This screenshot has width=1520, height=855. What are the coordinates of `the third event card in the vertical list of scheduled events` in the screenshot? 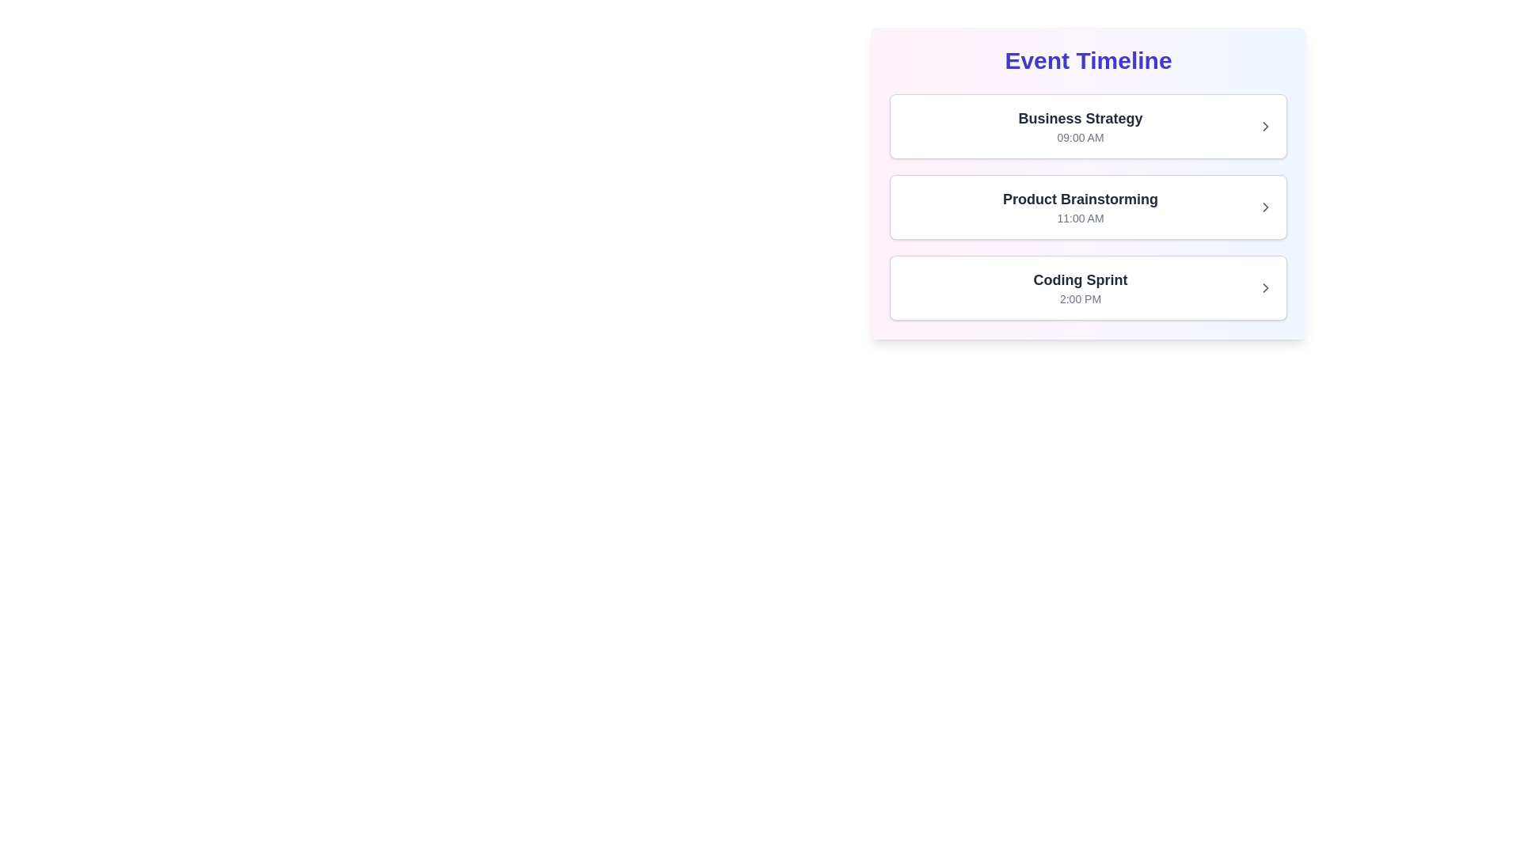 It's located at (1087, 287).